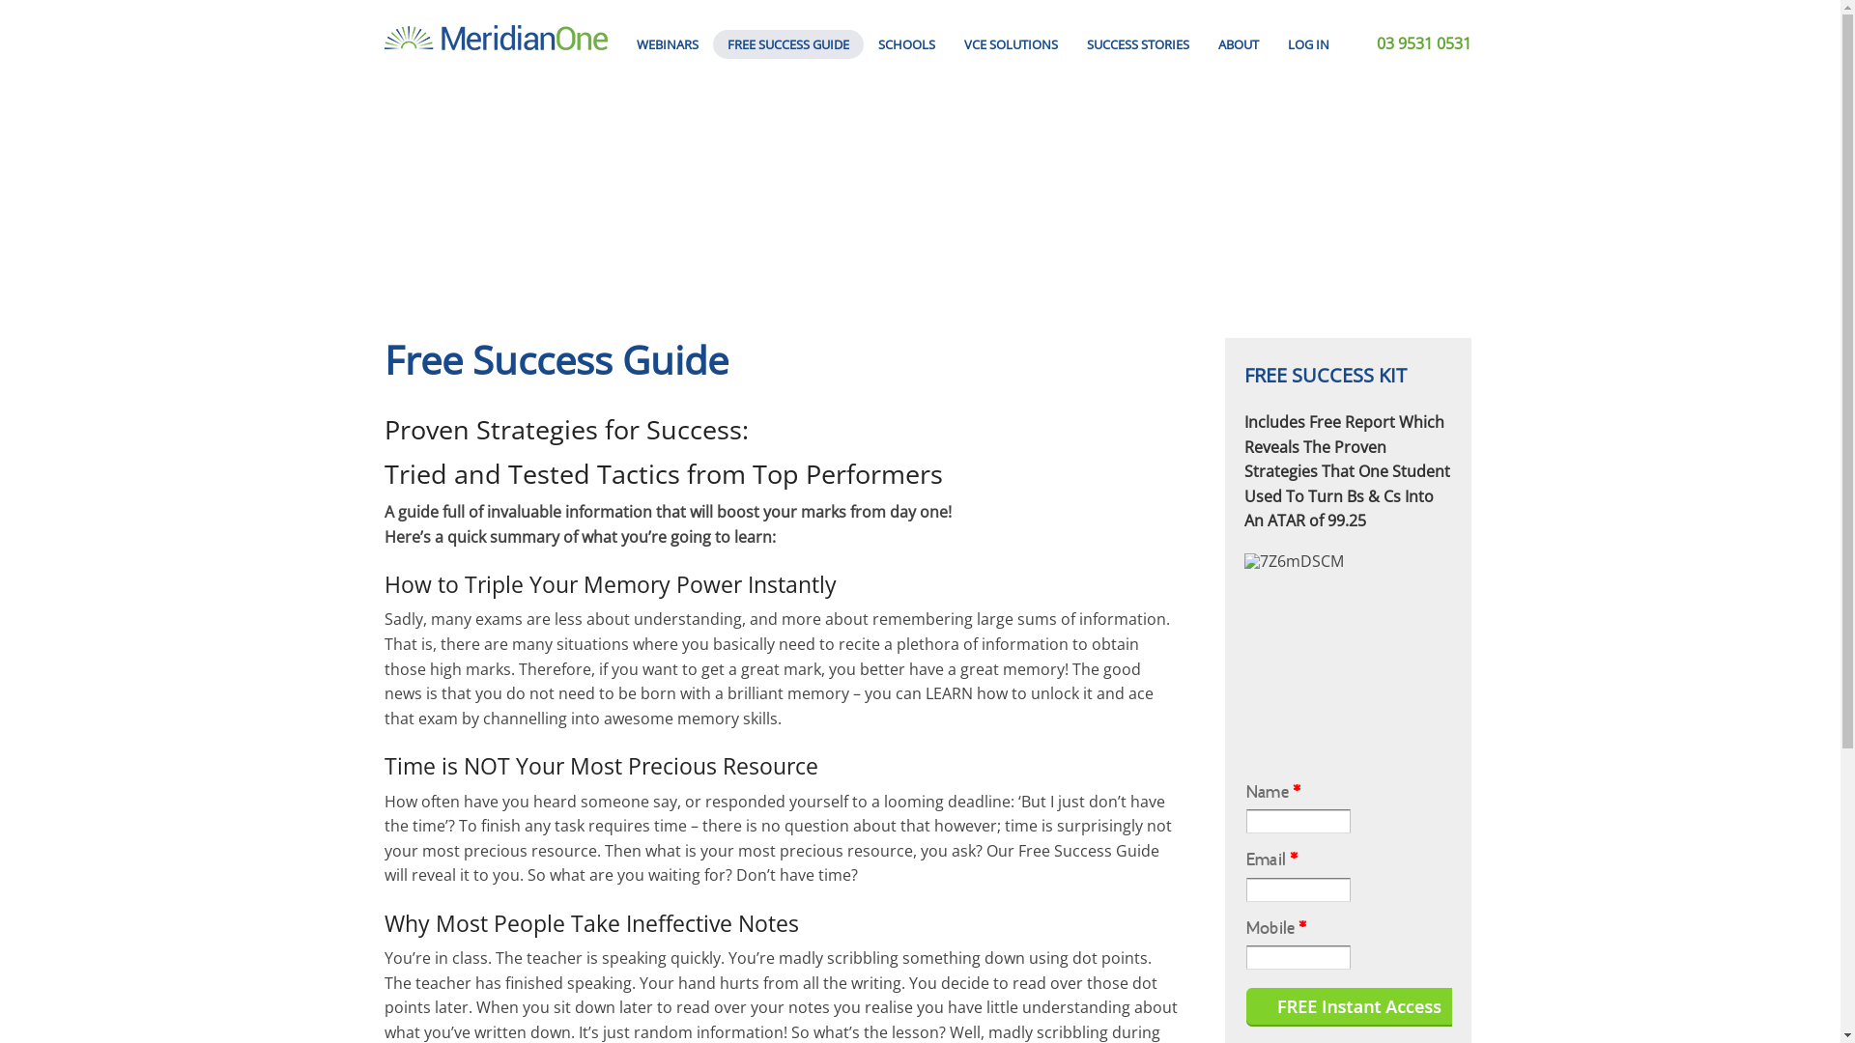 This screenshot has width=1855, height=1043. What do you see at coordinates (668, 124) in the screenshot?
I see `'HSC SUCCESS WEBINAR'` at bounding box center [668, 124].